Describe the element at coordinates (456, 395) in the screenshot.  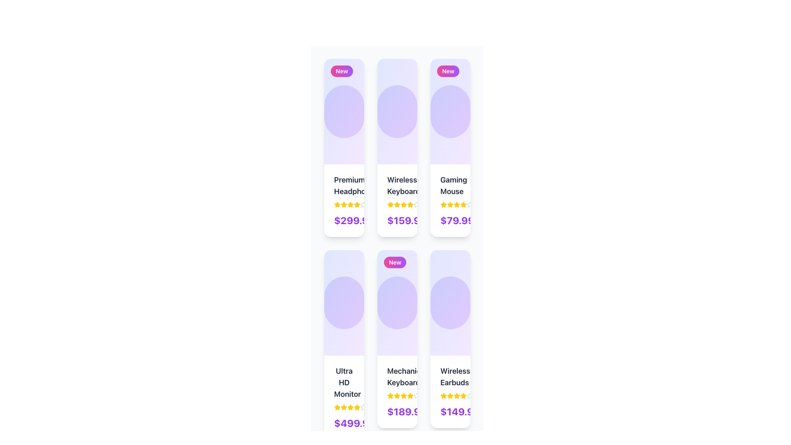
I see `the fourth yellow star in the star rating system below the 'Wireless Earbuds' product card` at that location.